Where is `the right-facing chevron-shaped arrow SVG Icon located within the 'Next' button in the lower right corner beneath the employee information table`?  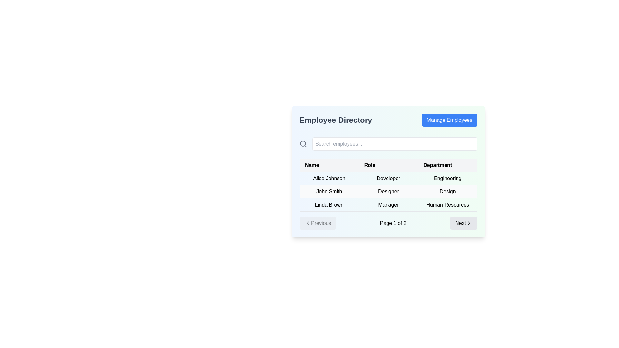
the right-facing chevron-shaped arrow SVG Icon located within the 'Next' button in the lower right corner beneath the employee information table is located at coordinates (469, 223).